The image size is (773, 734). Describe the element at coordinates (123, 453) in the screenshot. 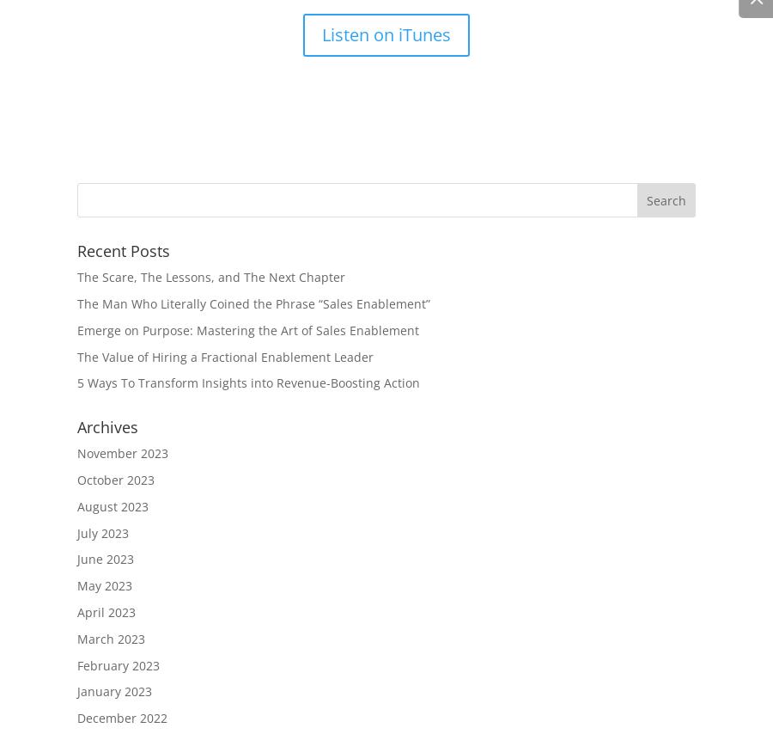

I see `'November 2023'` at that location.